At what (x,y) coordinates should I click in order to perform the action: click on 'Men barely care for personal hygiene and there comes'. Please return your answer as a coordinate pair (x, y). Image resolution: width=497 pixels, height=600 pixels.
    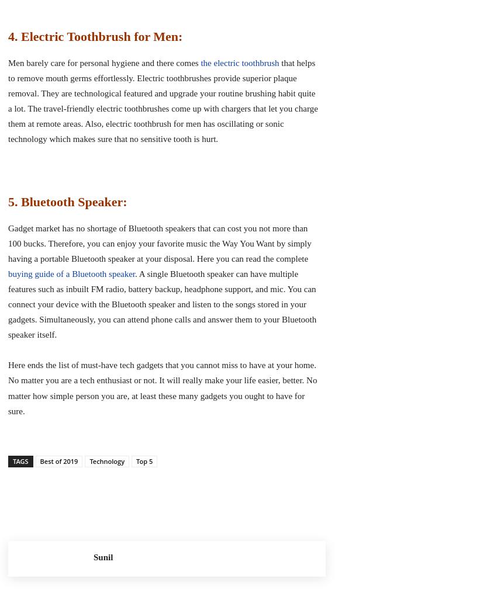
    Looking at the image, I should click on (103, 62).